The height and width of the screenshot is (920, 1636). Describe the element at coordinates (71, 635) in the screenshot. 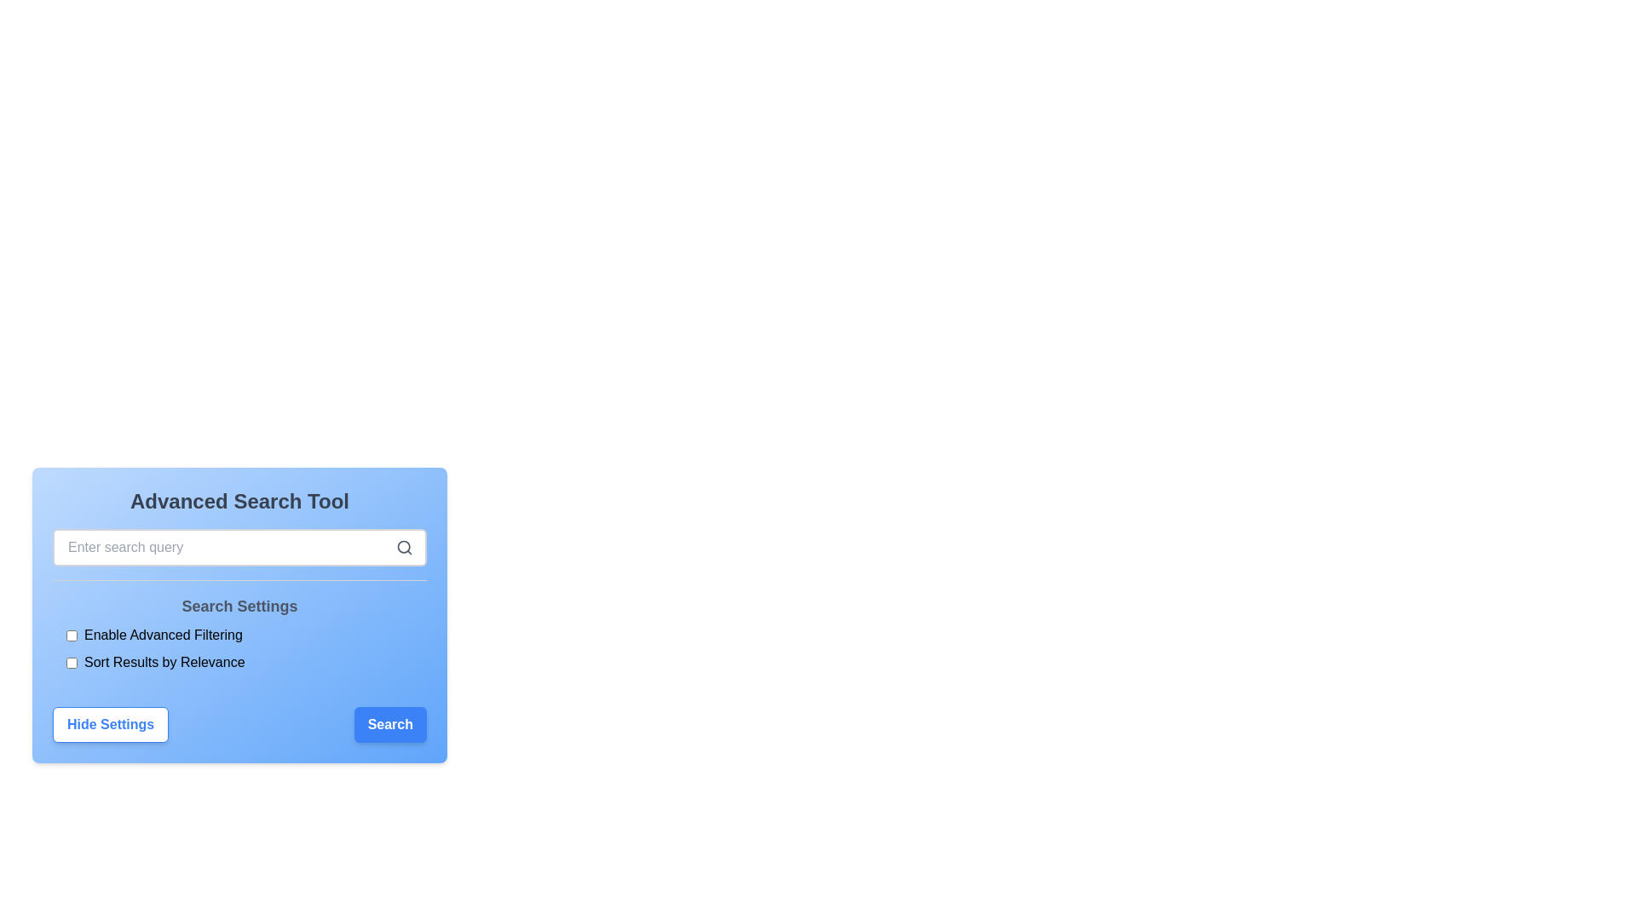

I see `the checkbox with a blue outline and white background located to the left of the text 'Enable Advanced Filtering' in the 'Search Settings' section` at that location.